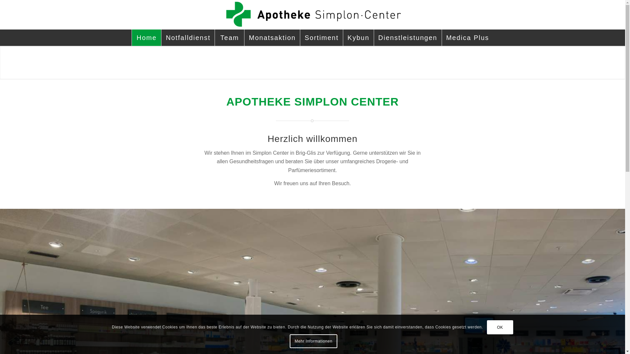  I want to click on 'Sortiment', so click(321, 38).